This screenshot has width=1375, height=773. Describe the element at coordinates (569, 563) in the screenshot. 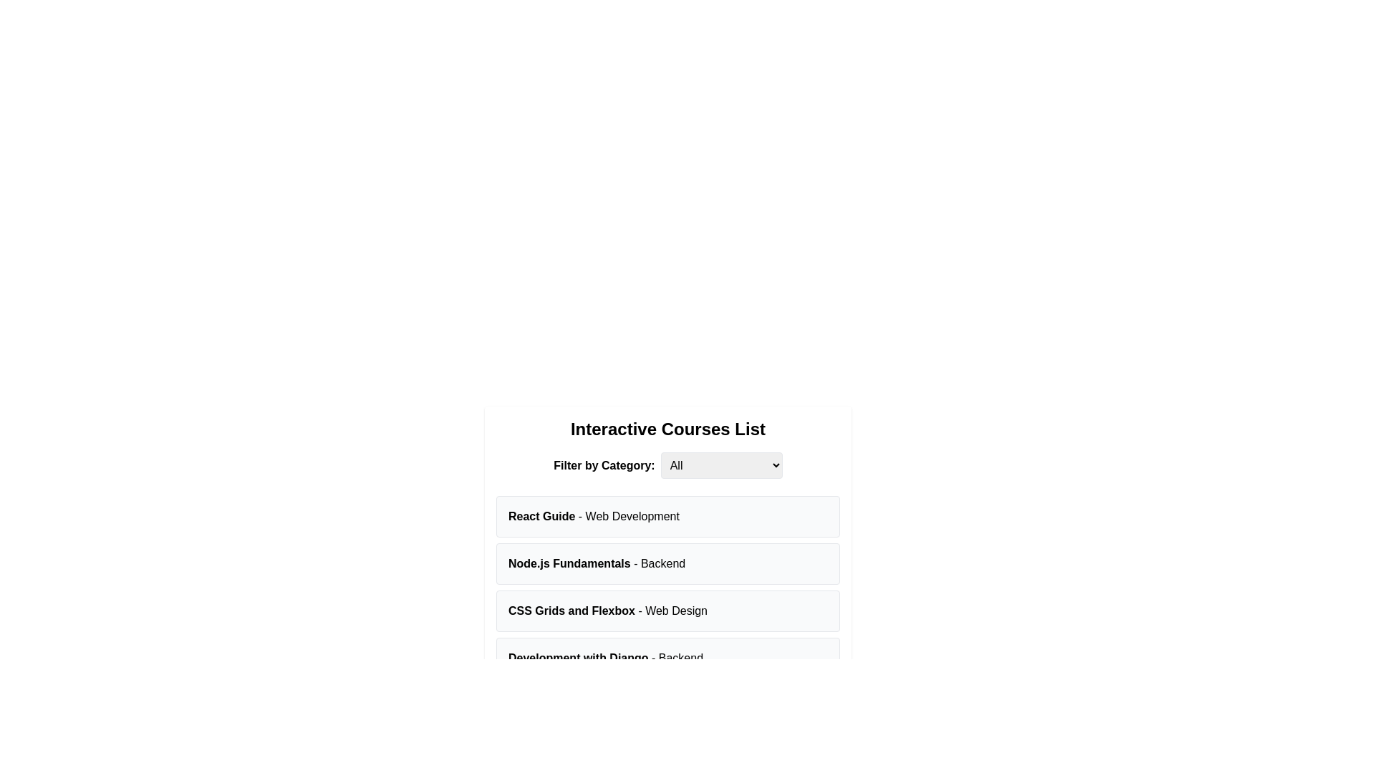

I see `the text label serving as a title for the course 'Node.js Fundamentals - Backend'` at that location.